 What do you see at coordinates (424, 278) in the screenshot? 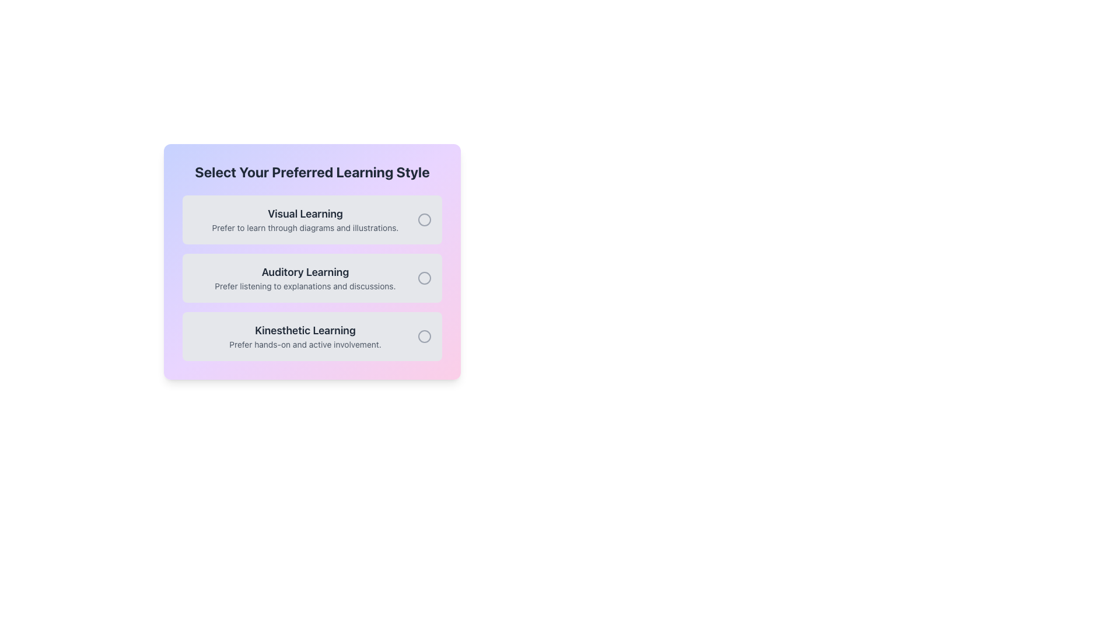
I see `the circular radio button with a gray outline, which is the second icon corresponding to the 'Auditory Learning' option in a list of selectable learning styles` at bounding box center [424, 278].